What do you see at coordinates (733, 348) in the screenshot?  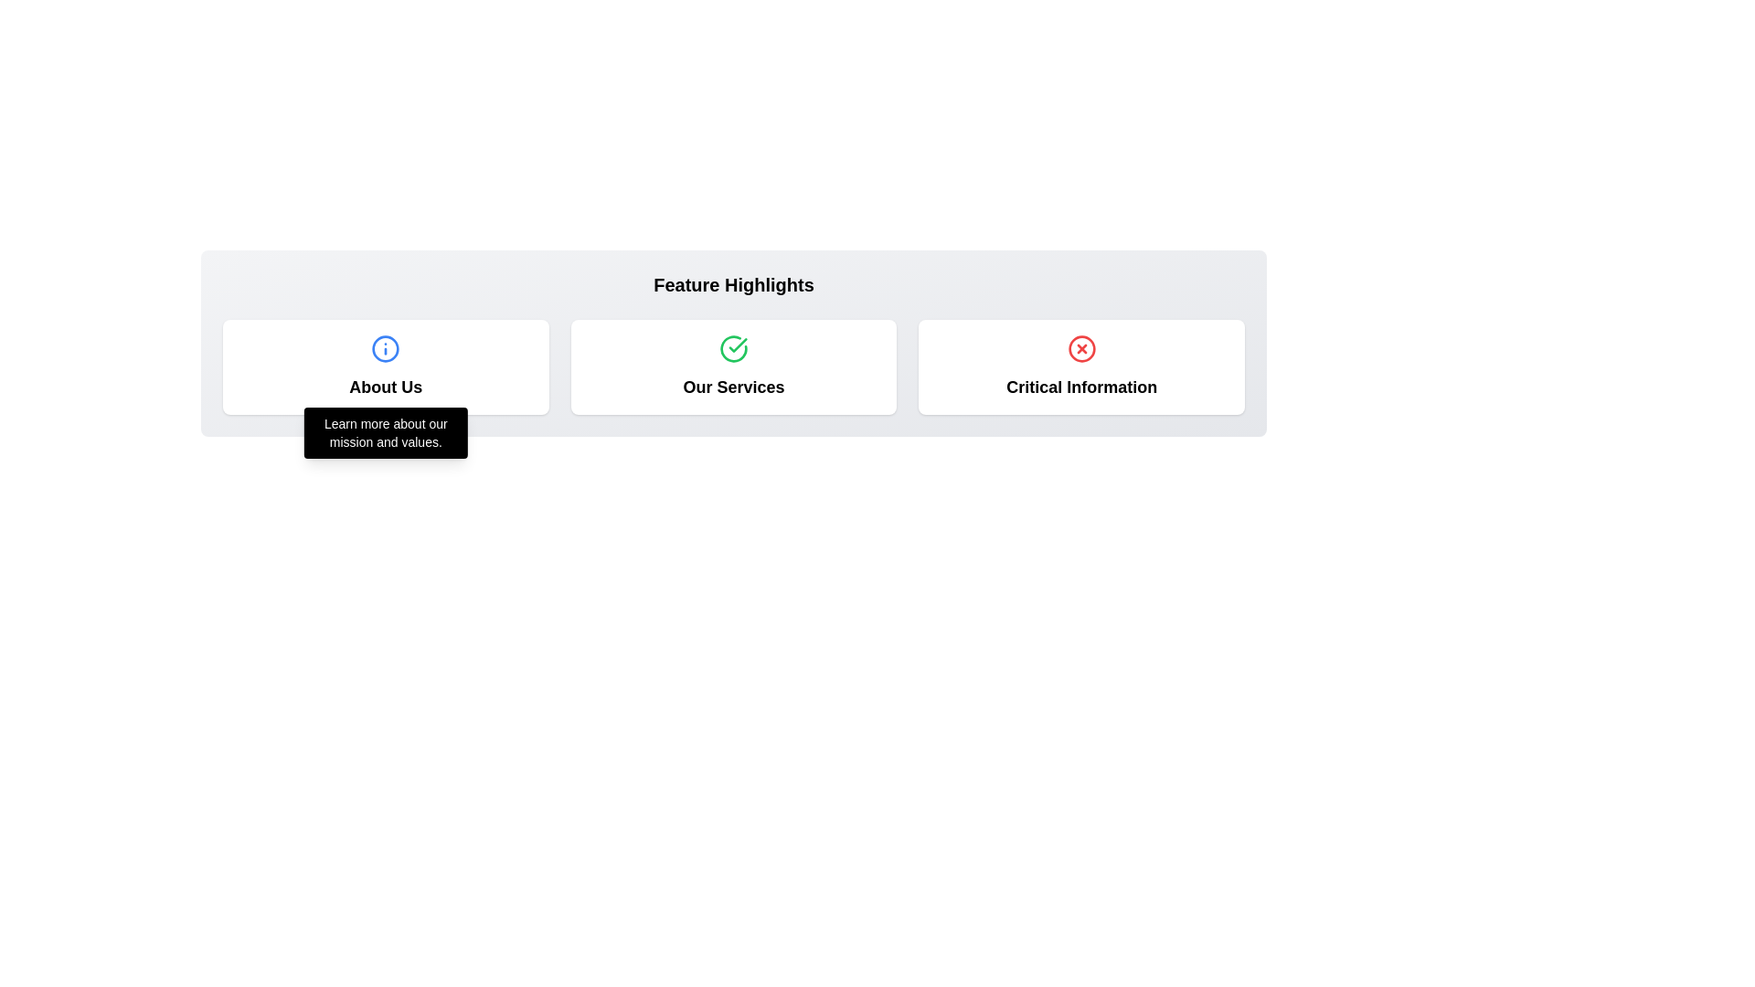 I see `the green checkmark icon, which is the central item of three adjacent icons under the heading 'Feature Highlights', located above the label 'Our Services'` at bounding box center [733, 348].